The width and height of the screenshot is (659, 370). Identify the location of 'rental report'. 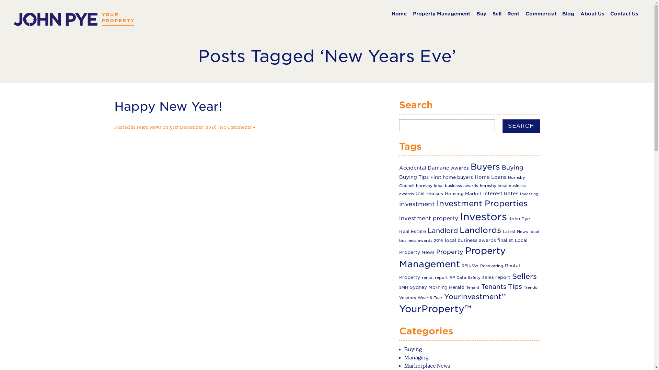
(435, 277).